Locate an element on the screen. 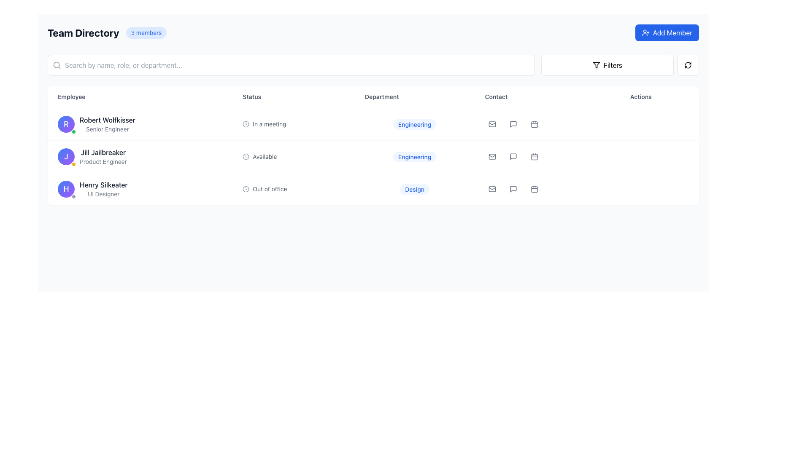 The width and height of the screenshot is (810, 455). the magnifying glass icon located to the left of the text input field in the search bar at the top of the Team Directory interface is located at coordinates (56, 64).